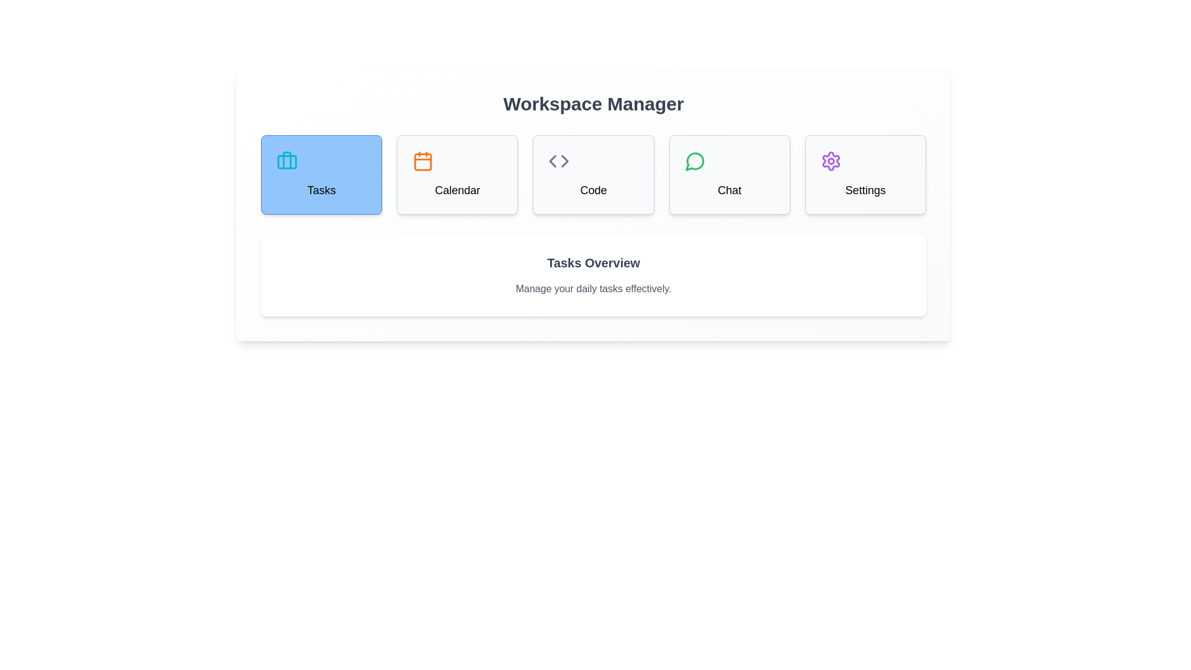 This screenshot has width=1191, height=670. I want to click on the rectangle with rounded corners inside the briefcase icon located in the 'Tasks' button, so click(286, 161).